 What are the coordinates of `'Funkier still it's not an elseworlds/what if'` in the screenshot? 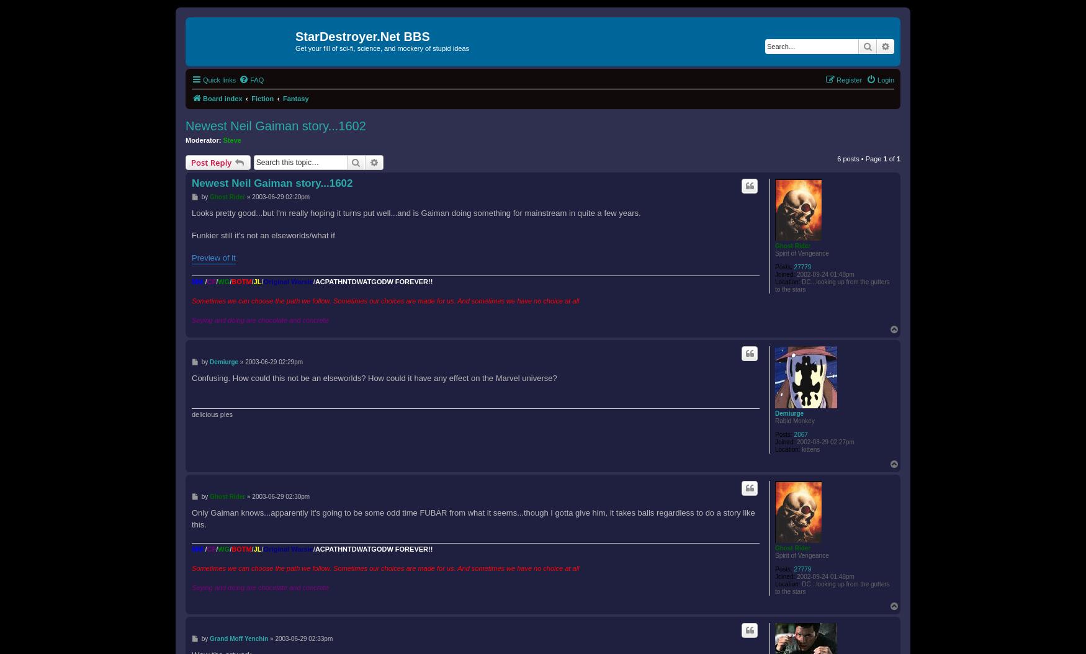 It's located at (263, 234).